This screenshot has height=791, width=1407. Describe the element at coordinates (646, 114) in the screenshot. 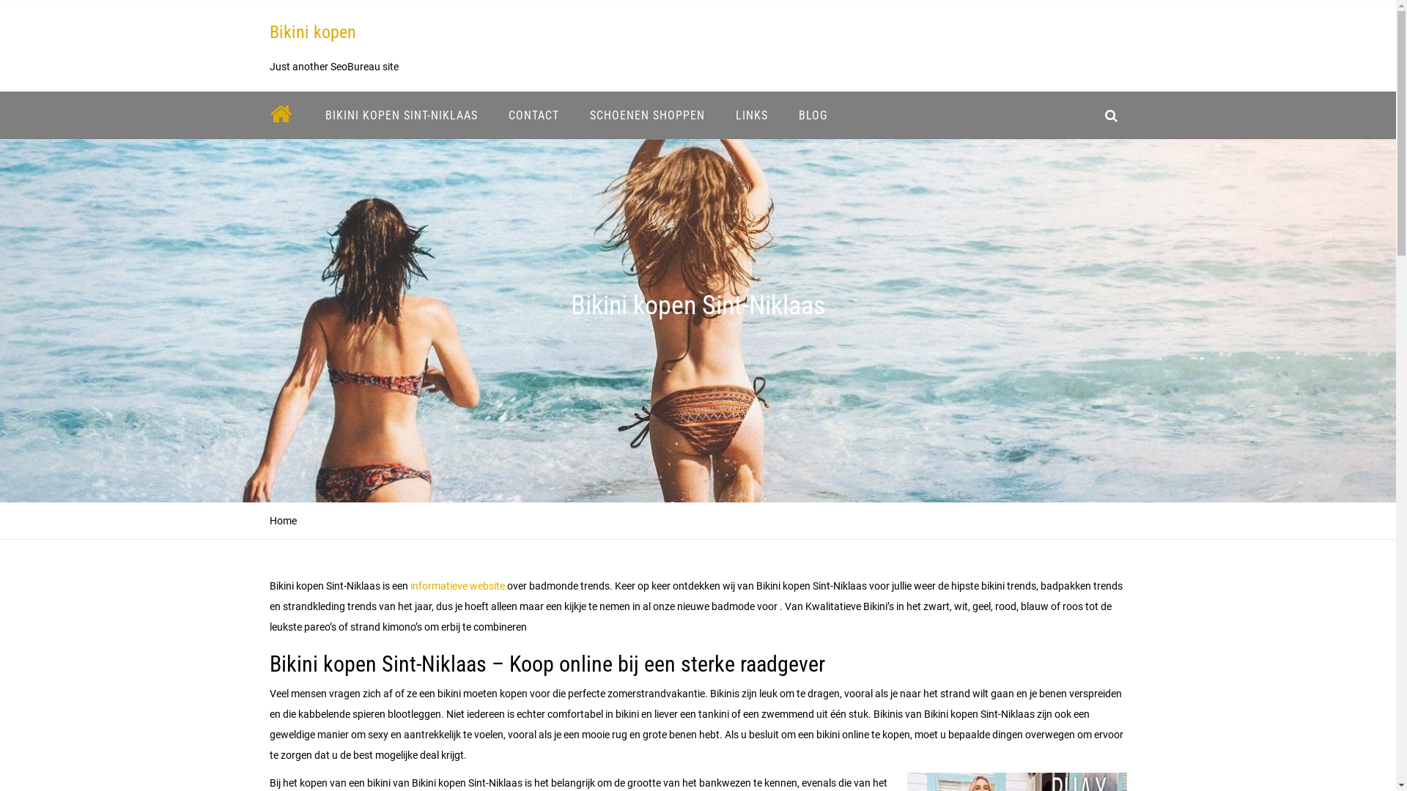

I see `'SCHOENEN SHOPPEN'` at that location.